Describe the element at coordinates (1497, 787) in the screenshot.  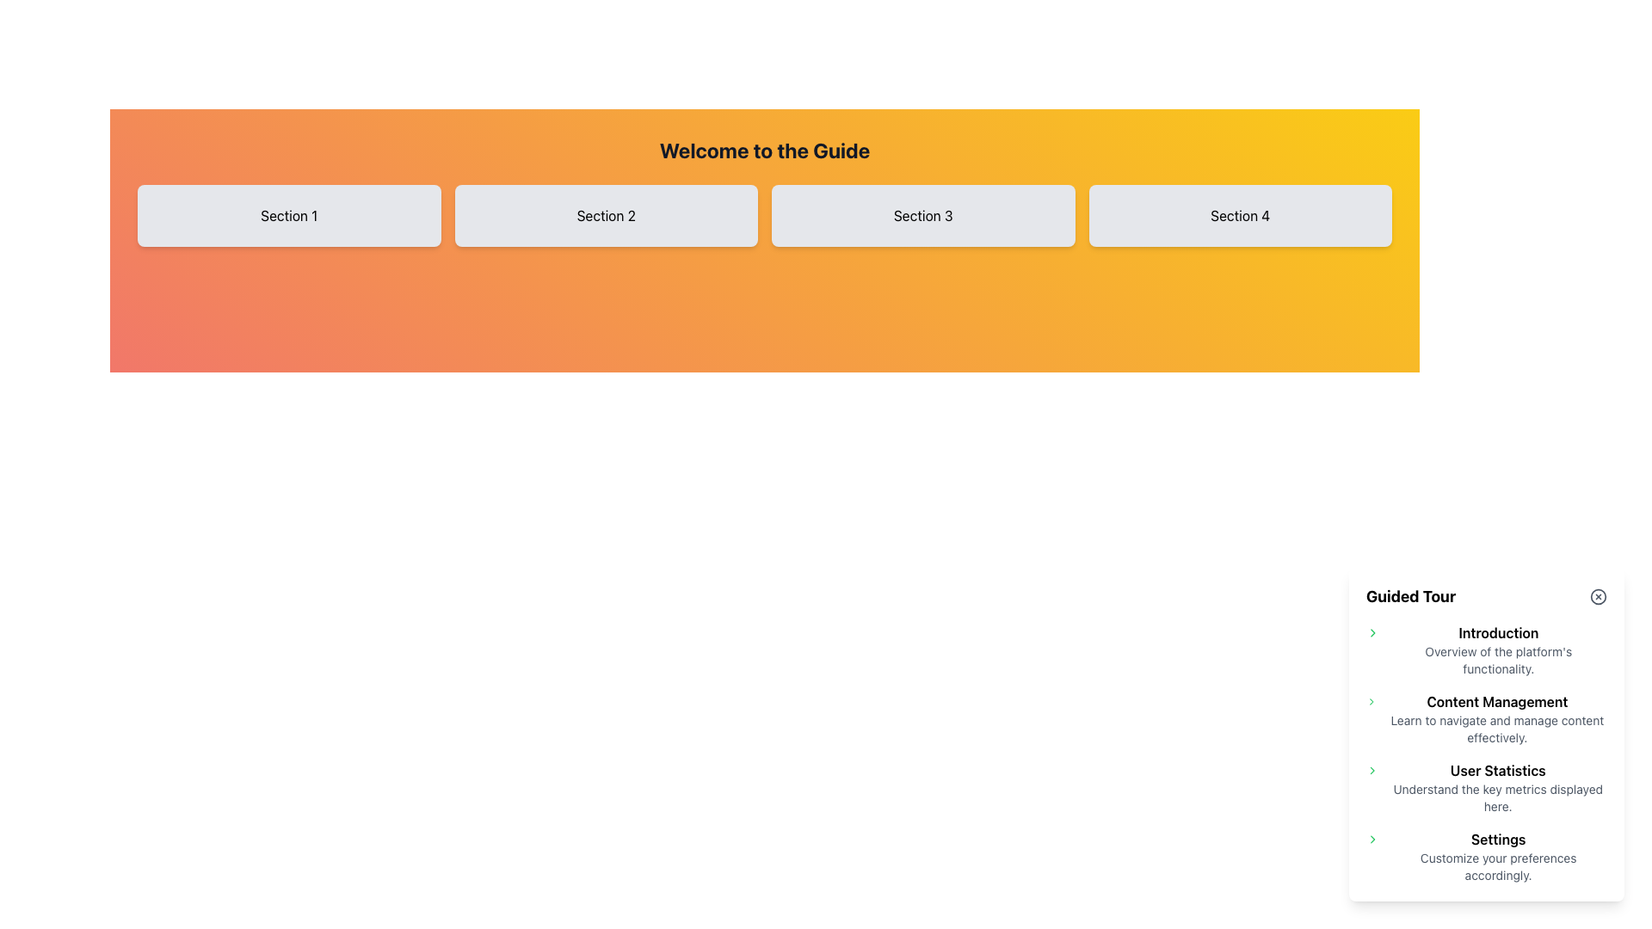
I see `the 'User Statistics' label element` at that location.